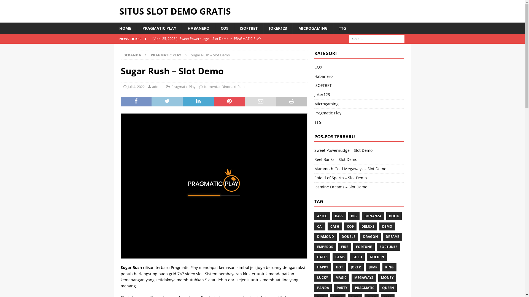 Image resolution: width=529 pixels, height=297 pixels. What do you see at coordinates (21, 4) in the screenshot?
I see `'Cari'` at bounding box center [21, 4].